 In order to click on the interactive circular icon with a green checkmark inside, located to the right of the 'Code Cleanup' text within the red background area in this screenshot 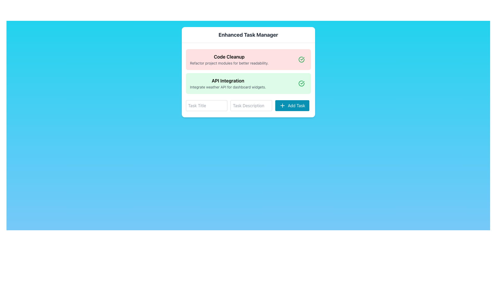, I will do `click(301, 59)`.